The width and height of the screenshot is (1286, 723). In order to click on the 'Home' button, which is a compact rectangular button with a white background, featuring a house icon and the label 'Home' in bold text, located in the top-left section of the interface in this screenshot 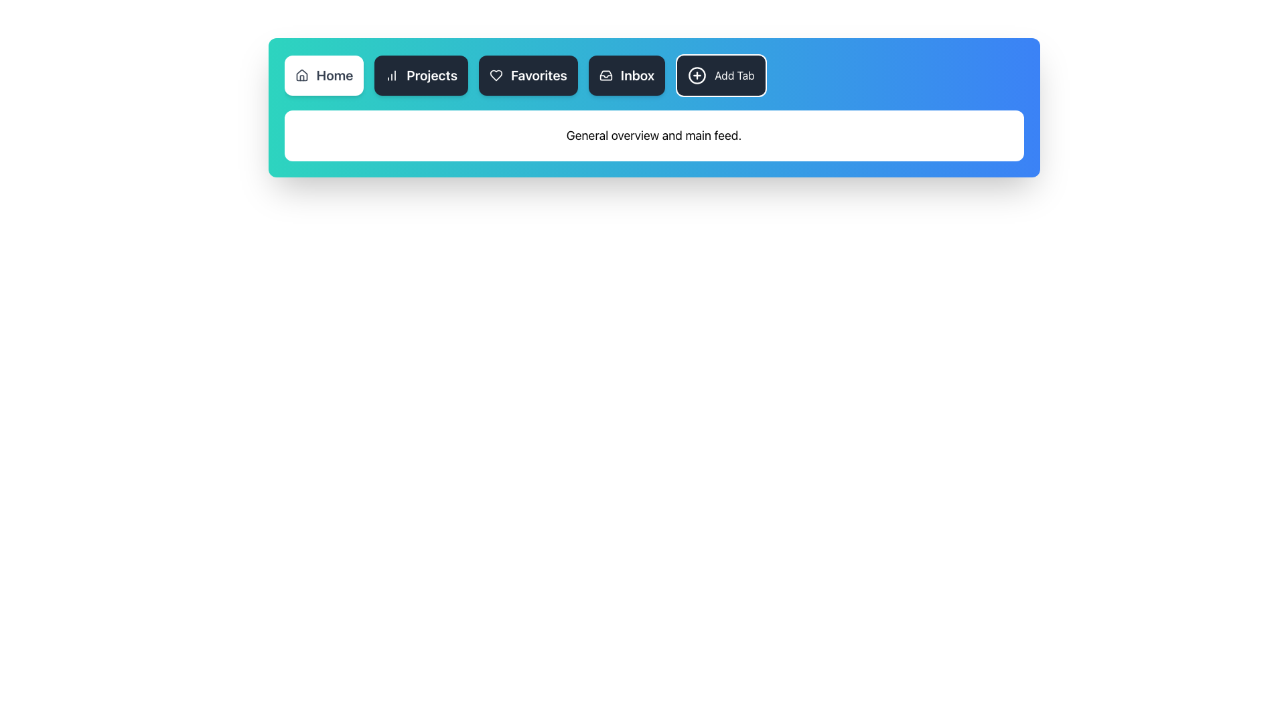, I will do `click(324, 75)`.